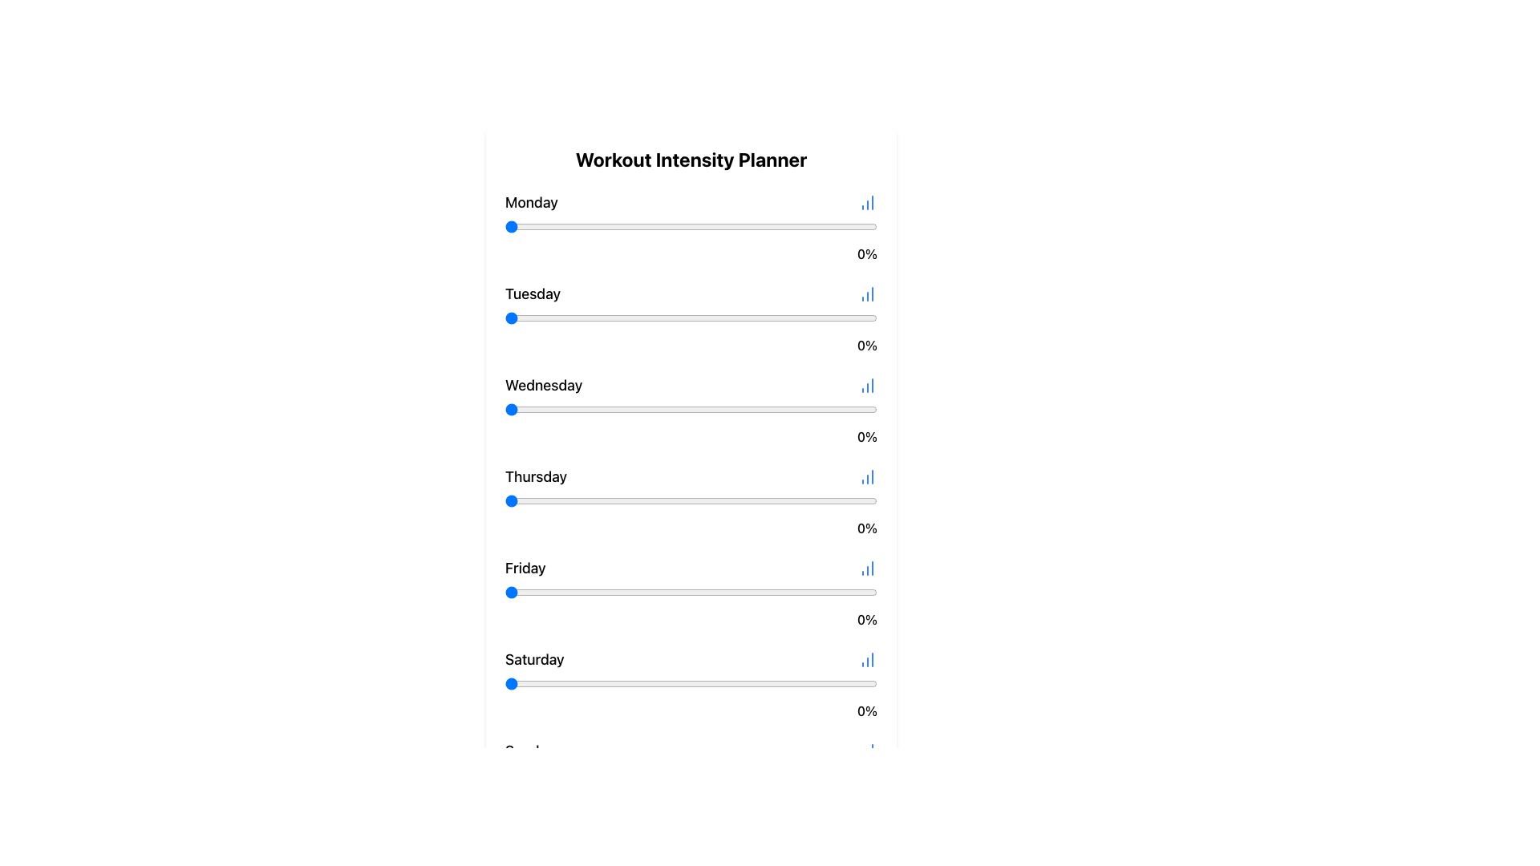  I want to click on the Friday intensity, so click(650, 593).